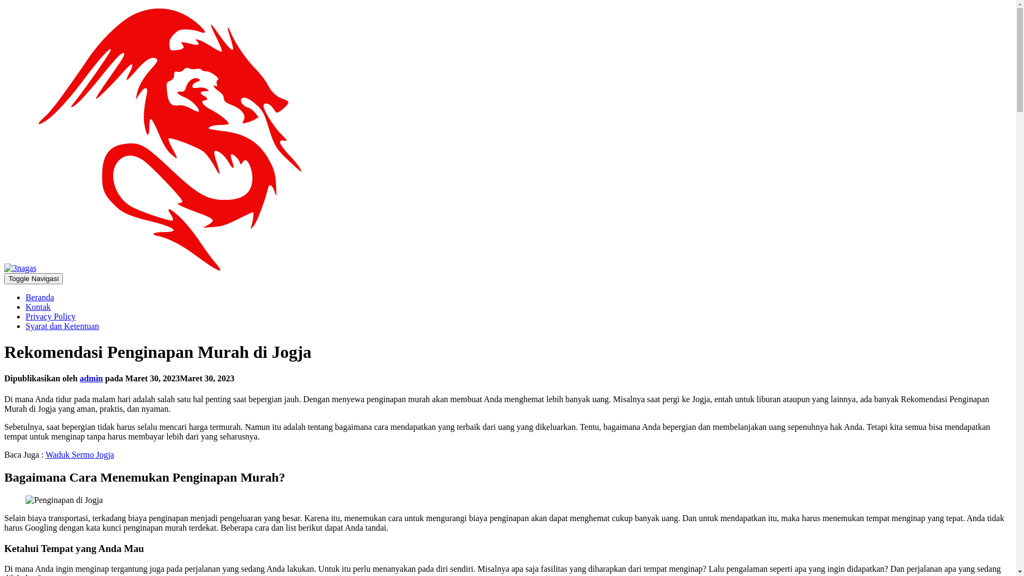 The width and height of the screenshot is (1024, 576). What do you see at coordinates (39, 297) in the screenshot?
I see `'Beranda'` at bounding box center [39, 297].